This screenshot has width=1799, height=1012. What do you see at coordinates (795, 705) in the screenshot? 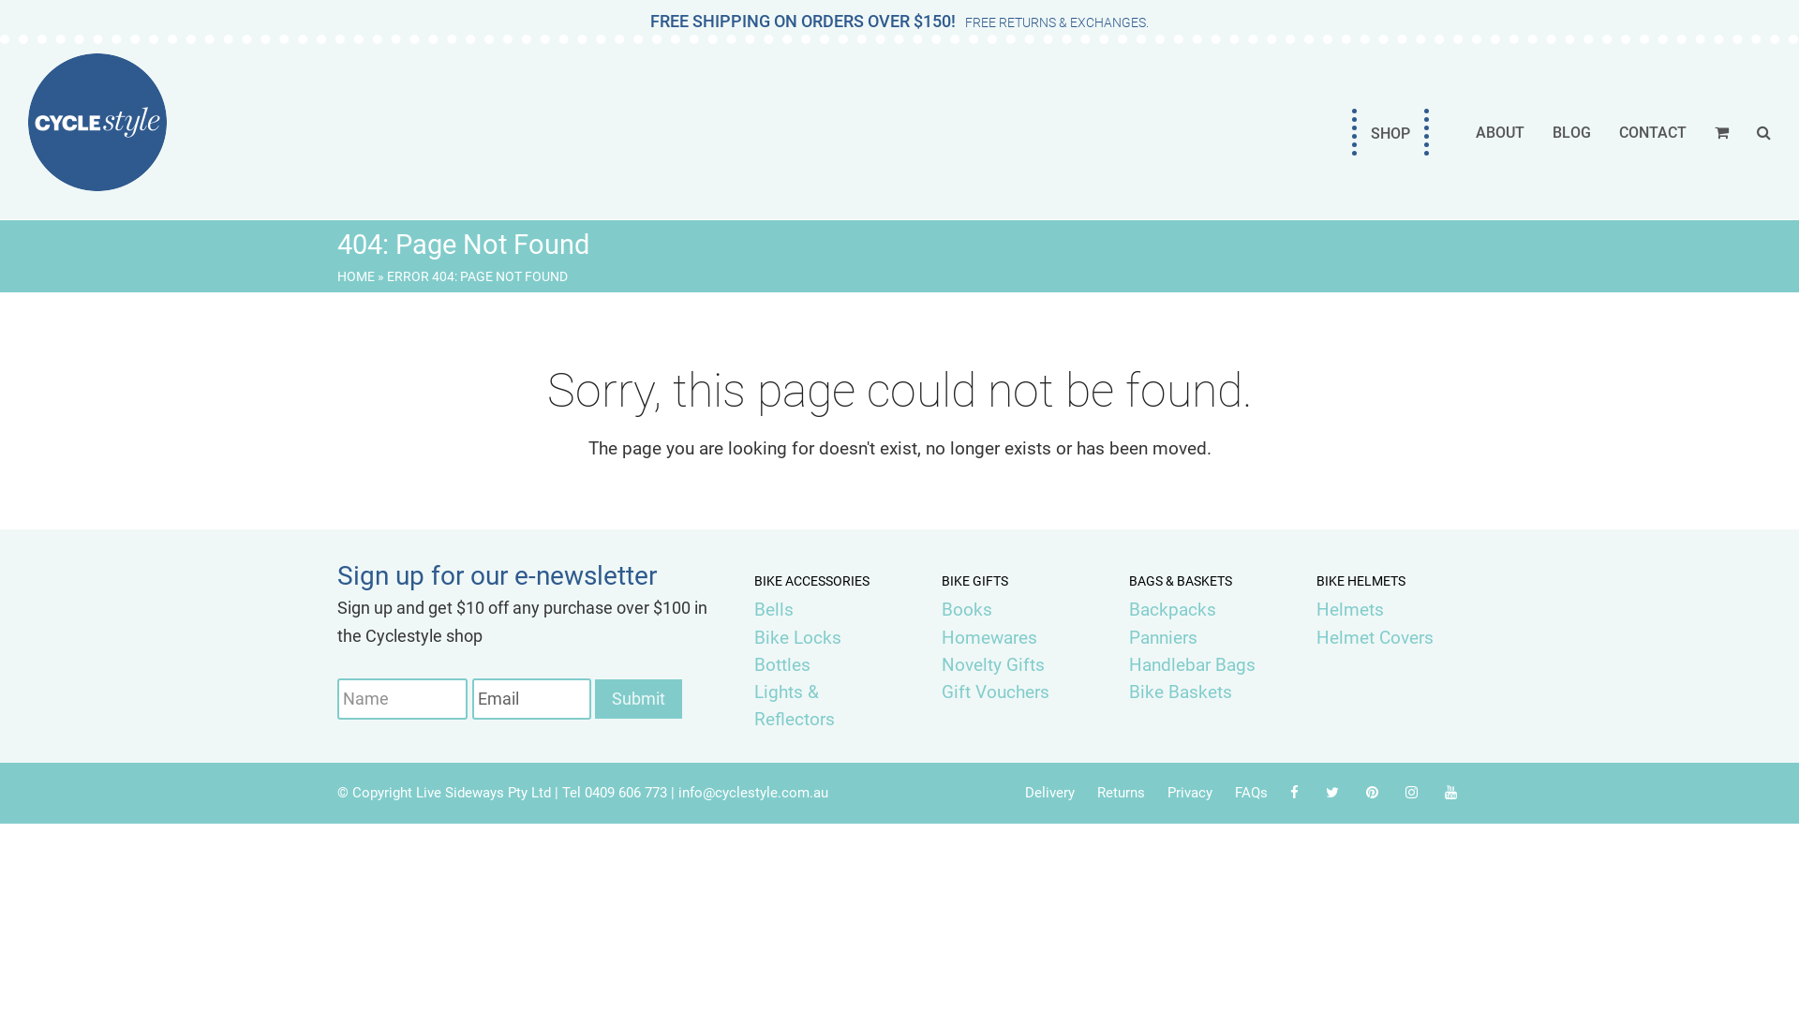
I see `'Lights & Reflectors'` at bounding box center [795, 705].